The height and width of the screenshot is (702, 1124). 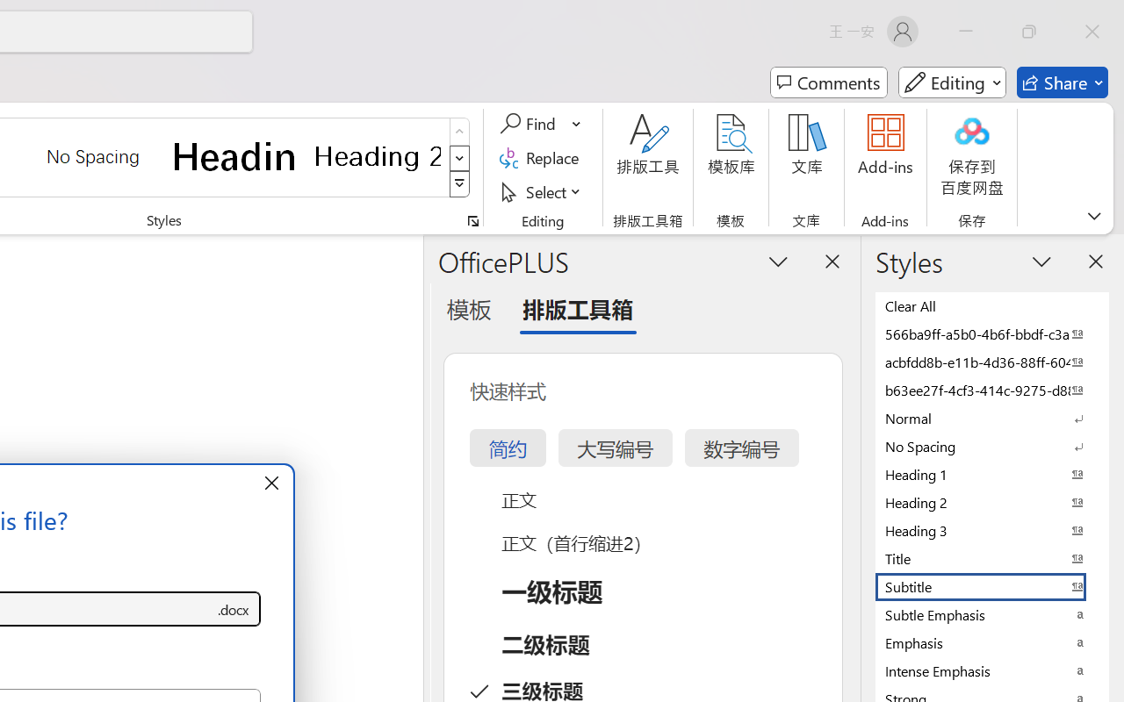 I want to click on 'Title', so click(x=992, y=557).